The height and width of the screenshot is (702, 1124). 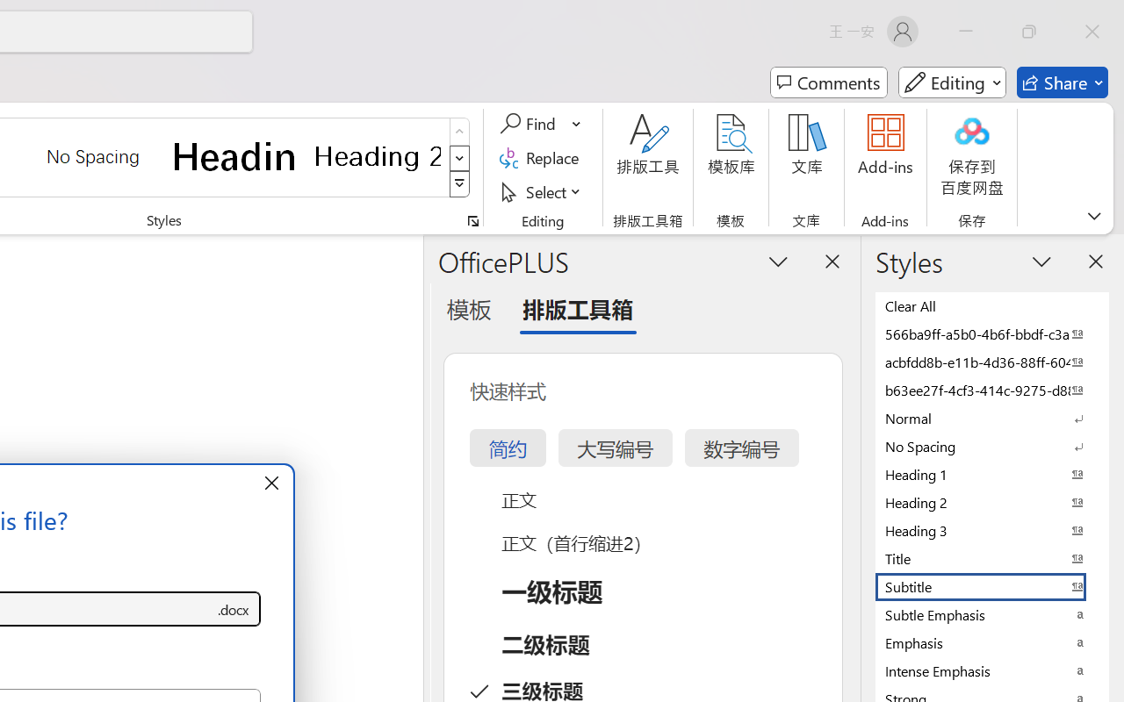 I want to click on 'Title', so click(x=992, y=557).